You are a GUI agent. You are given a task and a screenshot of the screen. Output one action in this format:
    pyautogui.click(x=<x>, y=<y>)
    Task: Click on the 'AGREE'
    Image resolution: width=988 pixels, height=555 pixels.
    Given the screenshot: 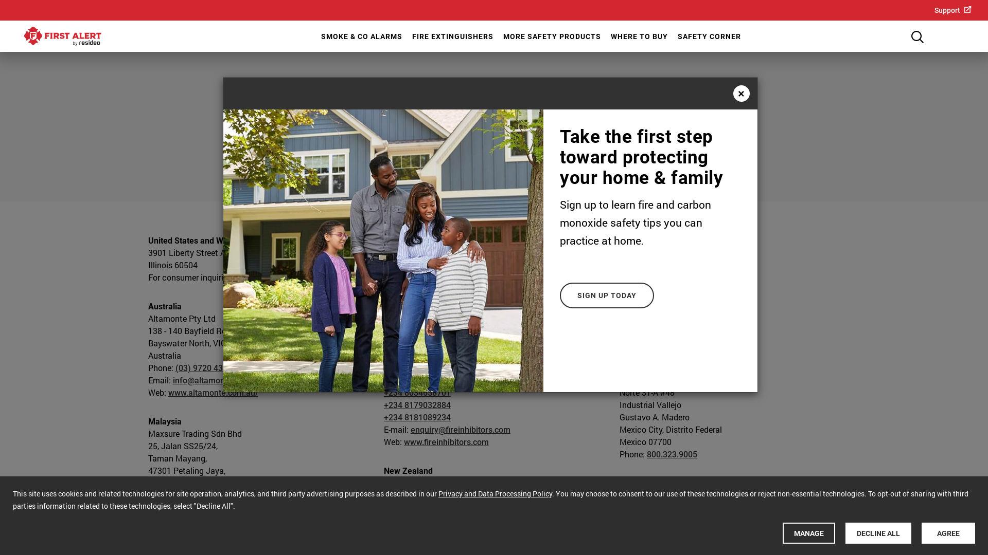 What is the action you would take?
    pyautogui.click(x=948, y=532)
    